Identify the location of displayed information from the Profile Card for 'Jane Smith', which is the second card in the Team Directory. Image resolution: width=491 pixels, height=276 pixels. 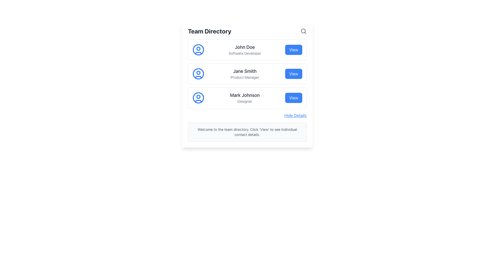
(247, 74).